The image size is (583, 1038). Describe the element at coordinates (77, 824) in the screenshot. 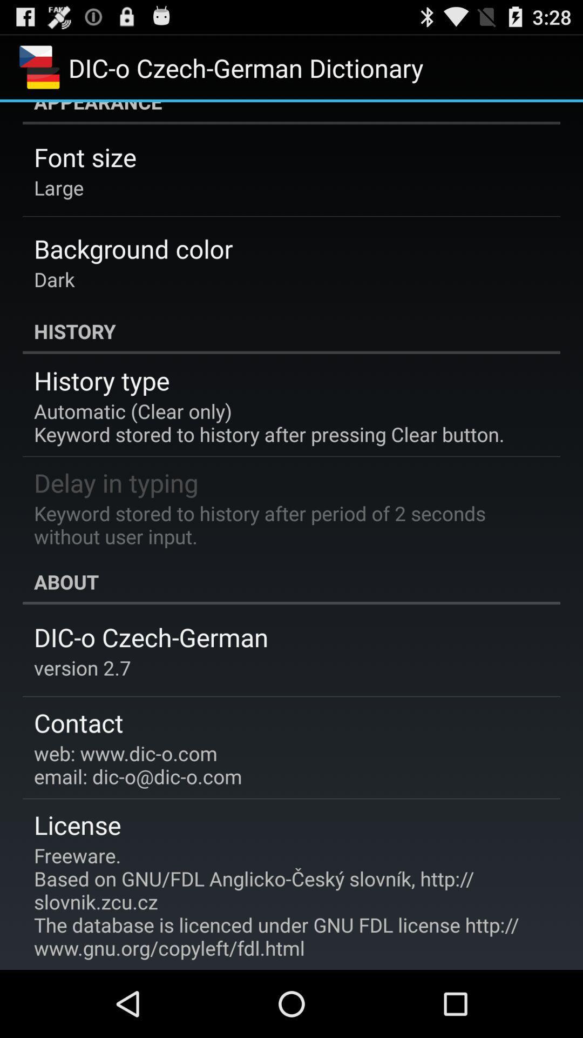

I see `the license` at that location.